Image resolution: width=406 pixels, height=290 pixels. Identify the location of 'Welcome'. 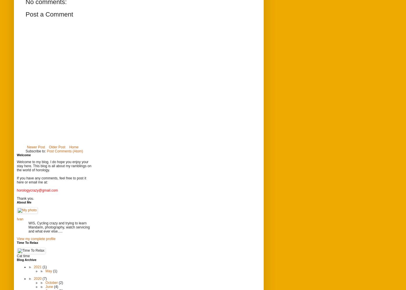
(24, 154).